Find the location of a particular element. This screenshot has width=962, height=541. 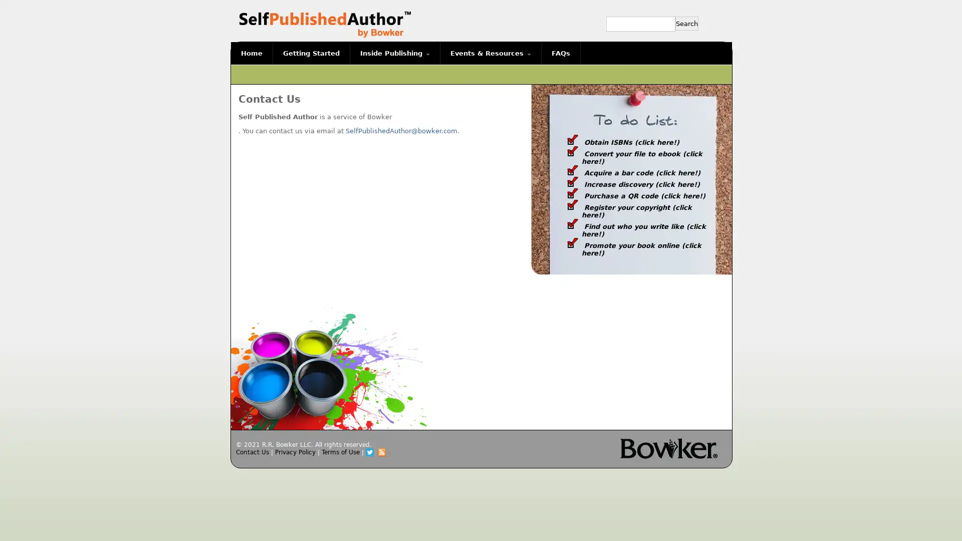

Search is located at coordinates (686, 23).